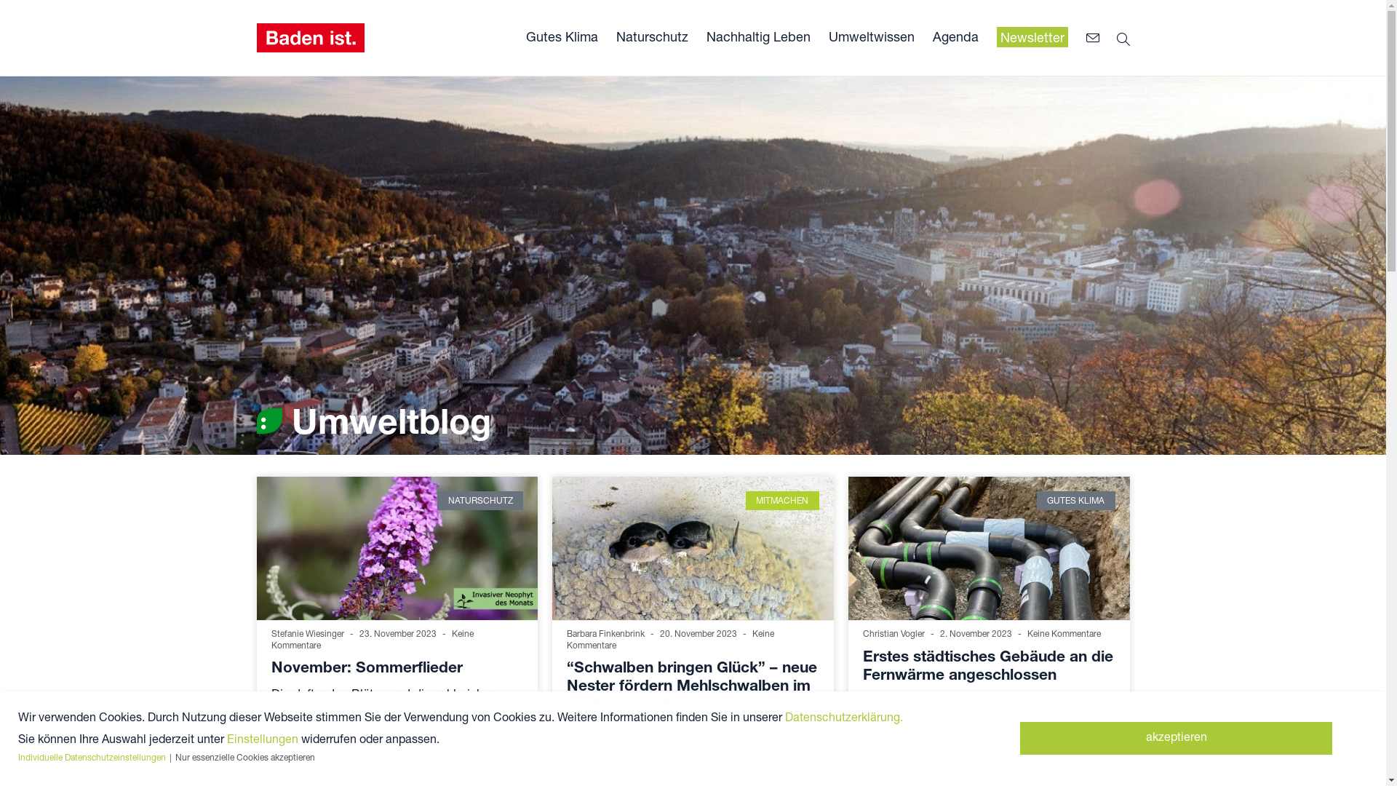 The image size is (1397, 786). What do you see at coordinates (1176, 738) in the screenshot?
I see `'akzeptieren'` at bounding box center [1176, 738].